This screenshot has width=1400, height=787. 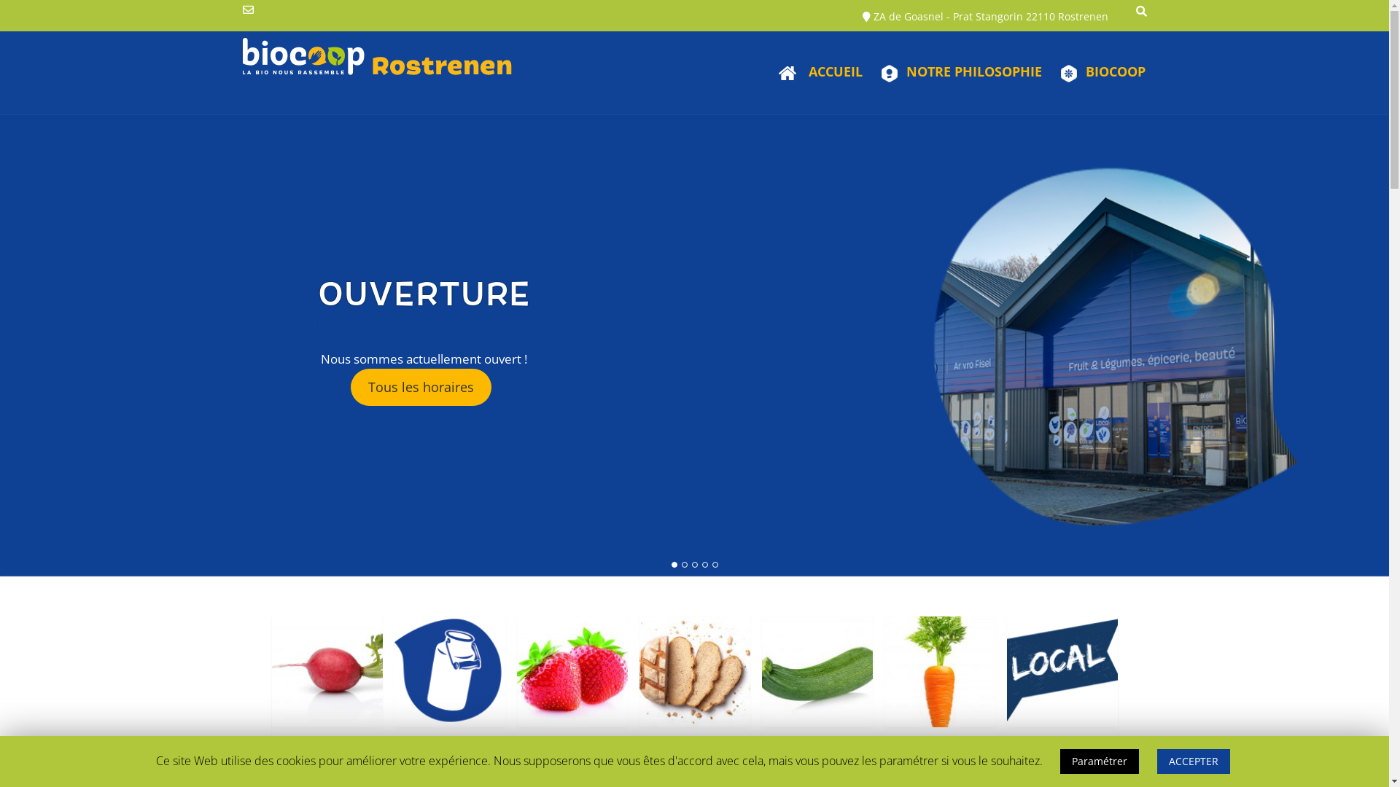 I want to click on 'ACCEPTER', so click(x=1193, y=761).